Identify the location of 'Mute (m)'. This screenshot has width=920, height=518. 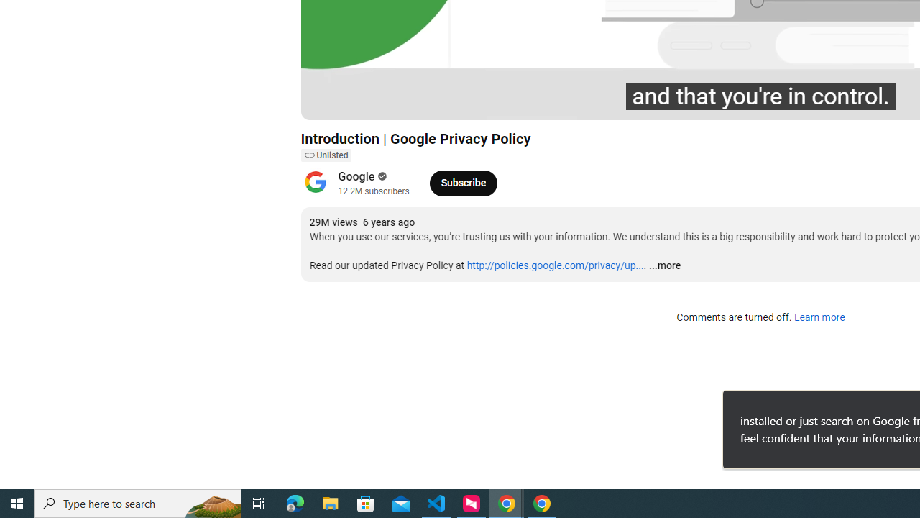
(394, 101).